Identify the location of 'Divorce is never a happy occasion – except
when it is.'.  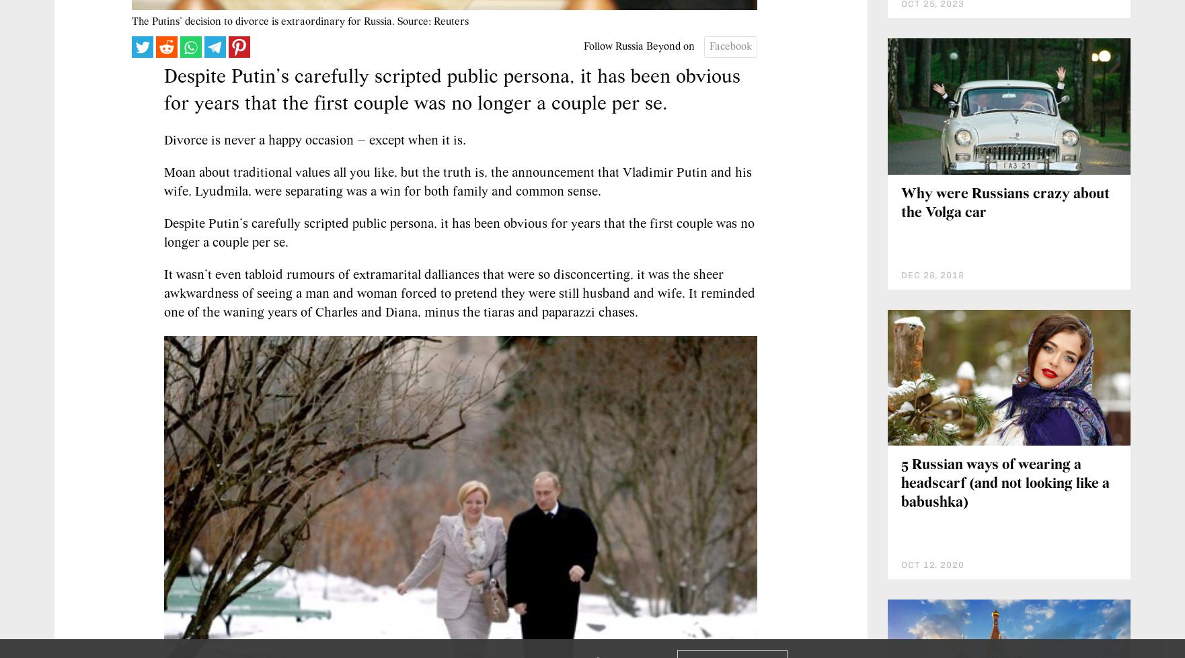
(314, 140).